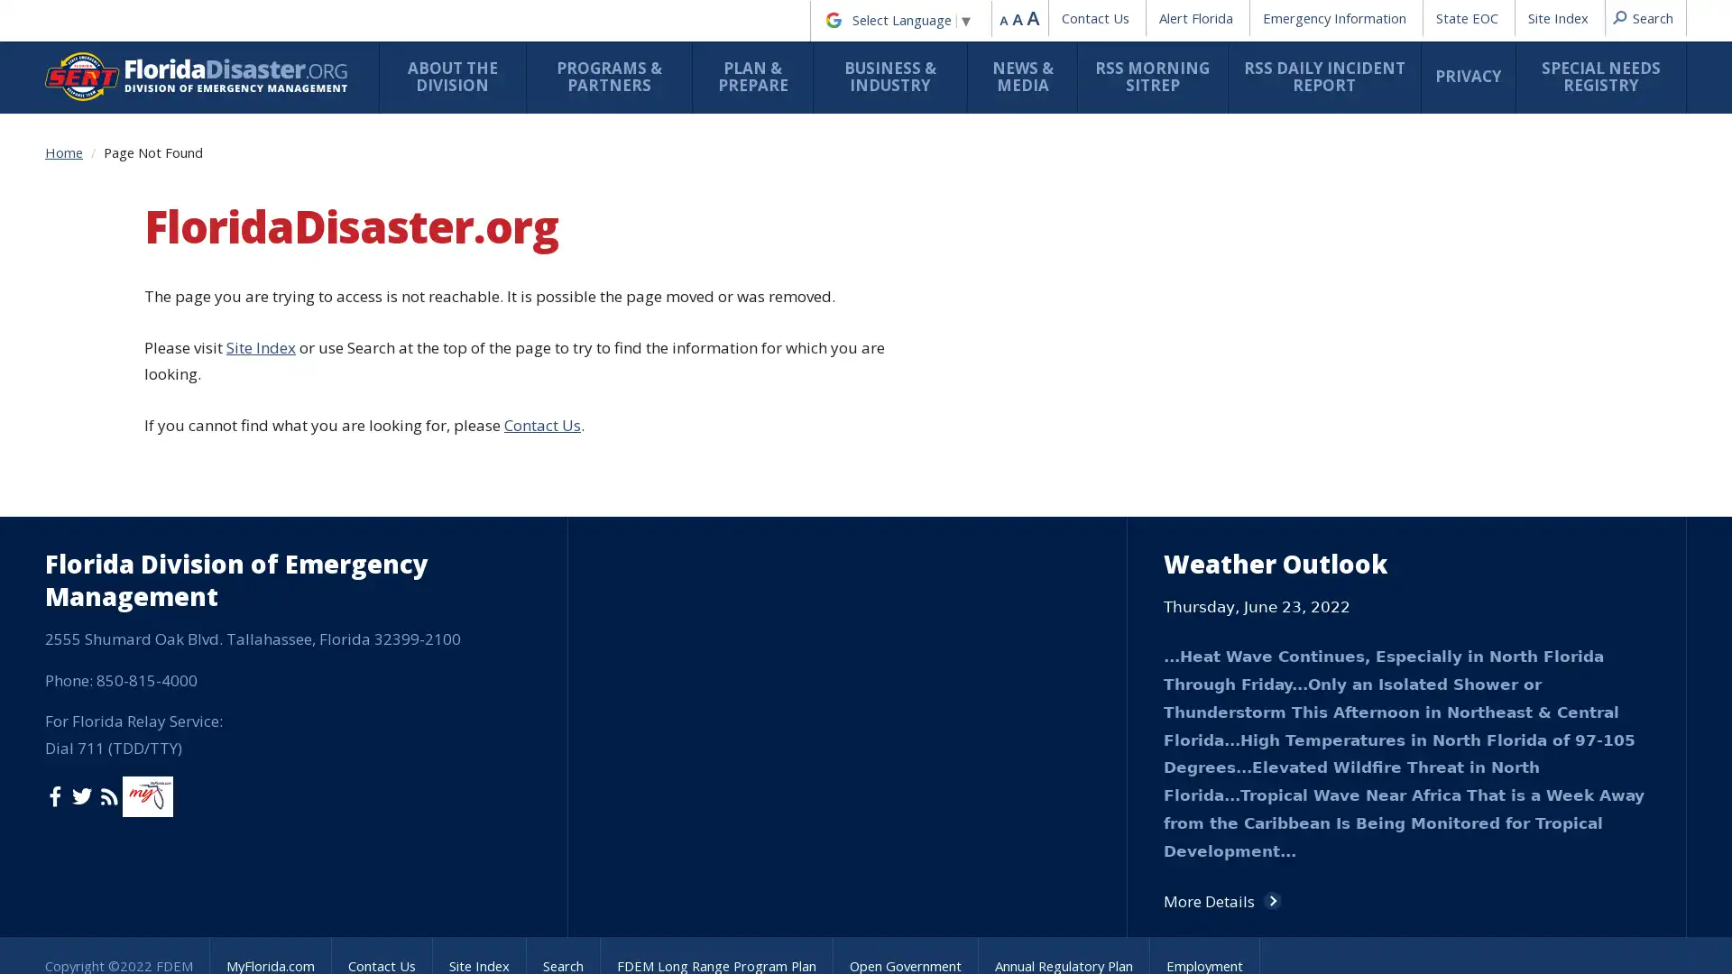 This screenshot has height=974, width=1732. I want to click on Toggle More, so click(541, 342).